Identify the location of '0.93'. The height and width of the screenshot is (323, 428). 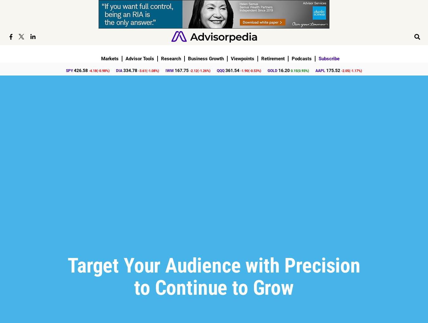
(302, 70).